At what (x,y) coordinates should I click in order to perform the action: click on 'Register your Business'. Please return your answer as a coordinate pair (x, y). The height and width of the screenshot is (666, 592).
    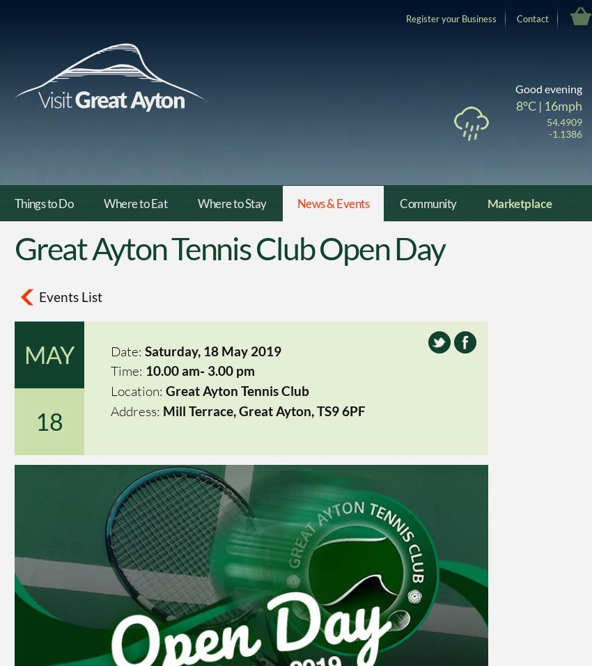
    Looking at the image, I should click on (451, 17).